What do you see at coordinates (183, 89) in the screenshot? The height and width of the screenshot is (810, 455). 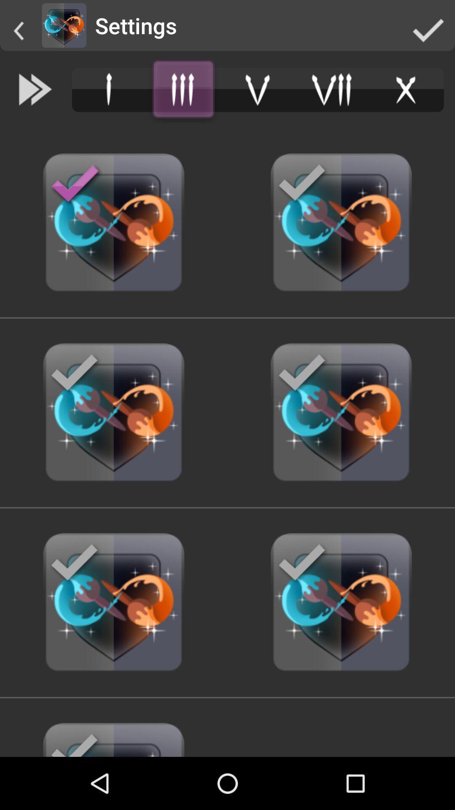 I see `more` at bounding box center [183, 89].